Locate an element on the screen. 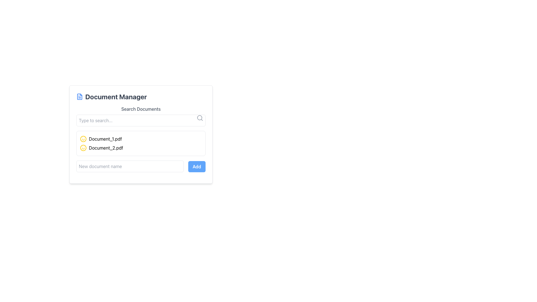 The image size is (537, 302). the List Item representing 'Document_2.pdf' is located at coordinates (141, 147).